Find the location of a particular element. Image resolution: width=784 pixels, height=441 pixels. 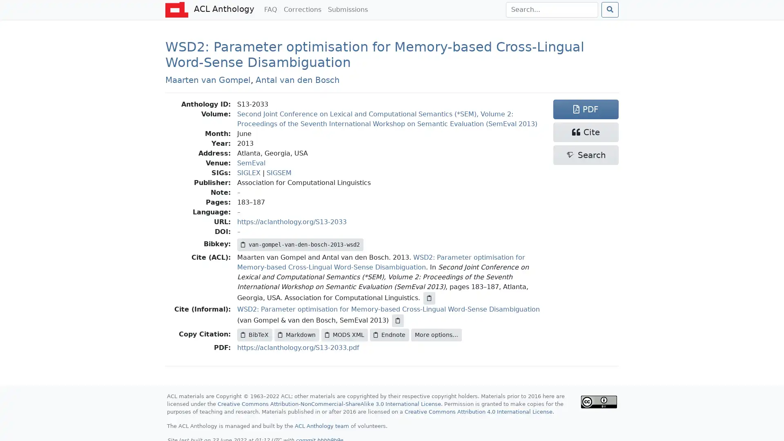

MODS XML is located at coordinates (345, 334).